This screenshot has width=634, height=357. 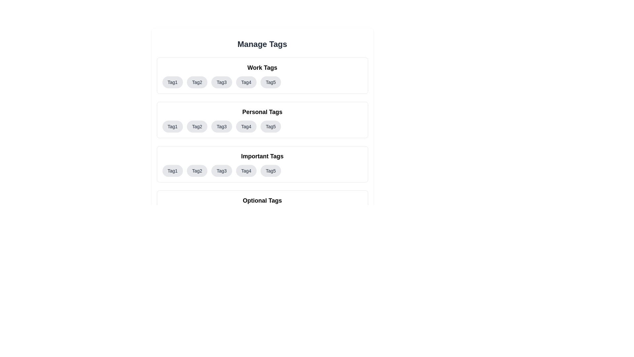 I want to click on the first tag in the 'Personal Tags' section, so click(x=172, y=126).